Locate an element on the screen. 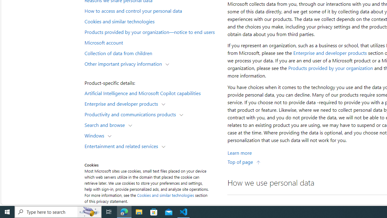 This screenshot has height=218, width=387. 'Microsoft account' is located at coordinates (152, 42).